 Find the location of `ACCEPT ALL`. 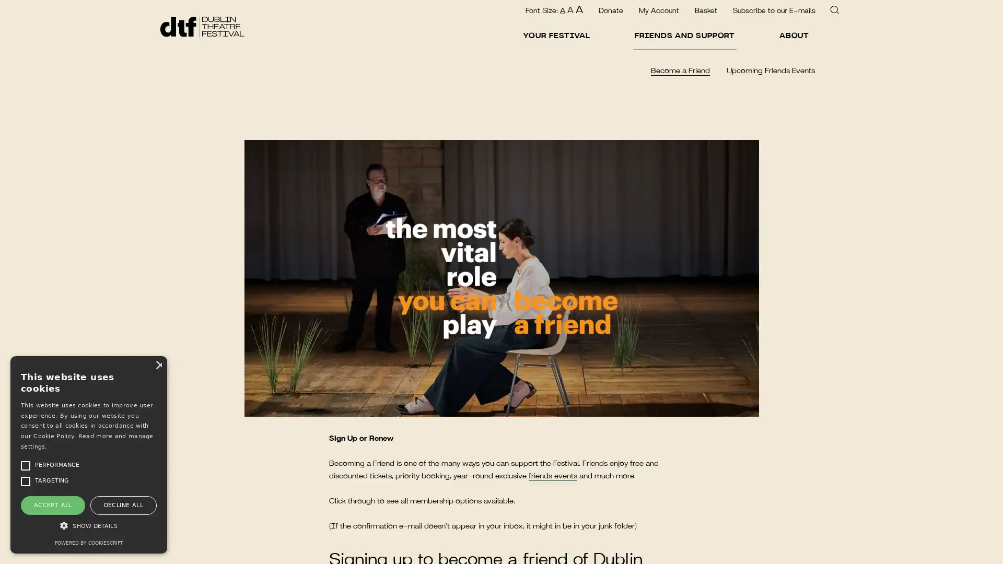

ACCEPT ALL is located at coordinates (52, 504).